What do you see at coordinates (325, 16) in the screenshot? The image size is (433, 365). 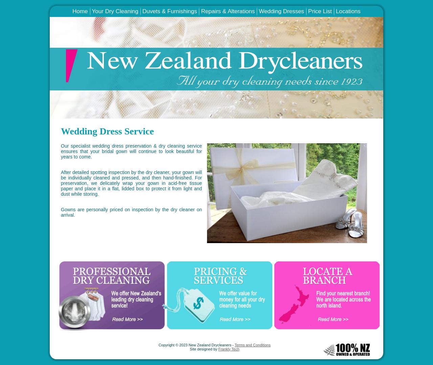 I see `'Hamilton Pricing'` at bounding box center [325, 16].